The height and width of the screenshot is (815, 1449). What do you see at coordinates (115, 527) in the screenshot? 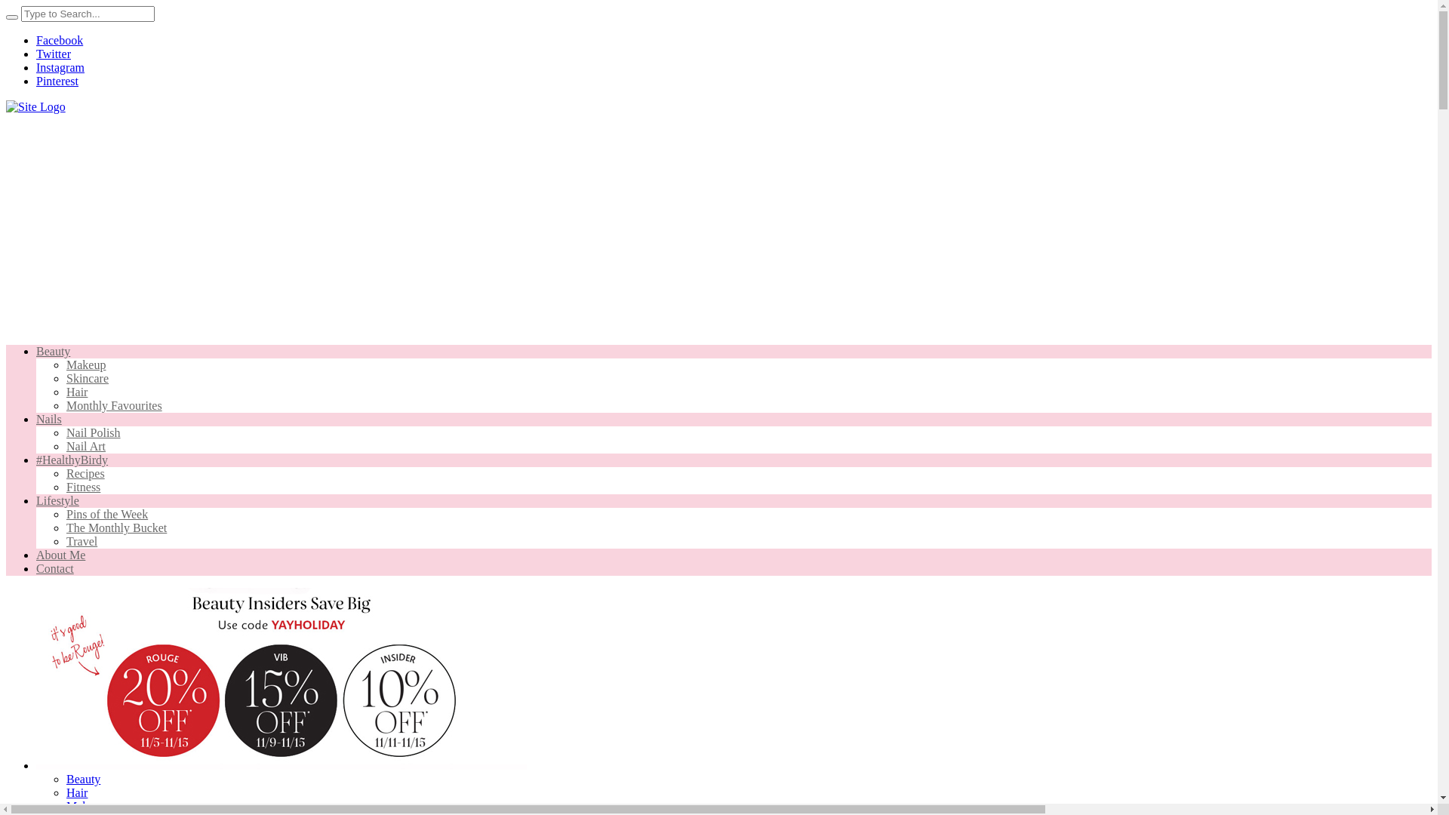
I see `'The Monthly Bucket'` at bounding box center [115, 527].